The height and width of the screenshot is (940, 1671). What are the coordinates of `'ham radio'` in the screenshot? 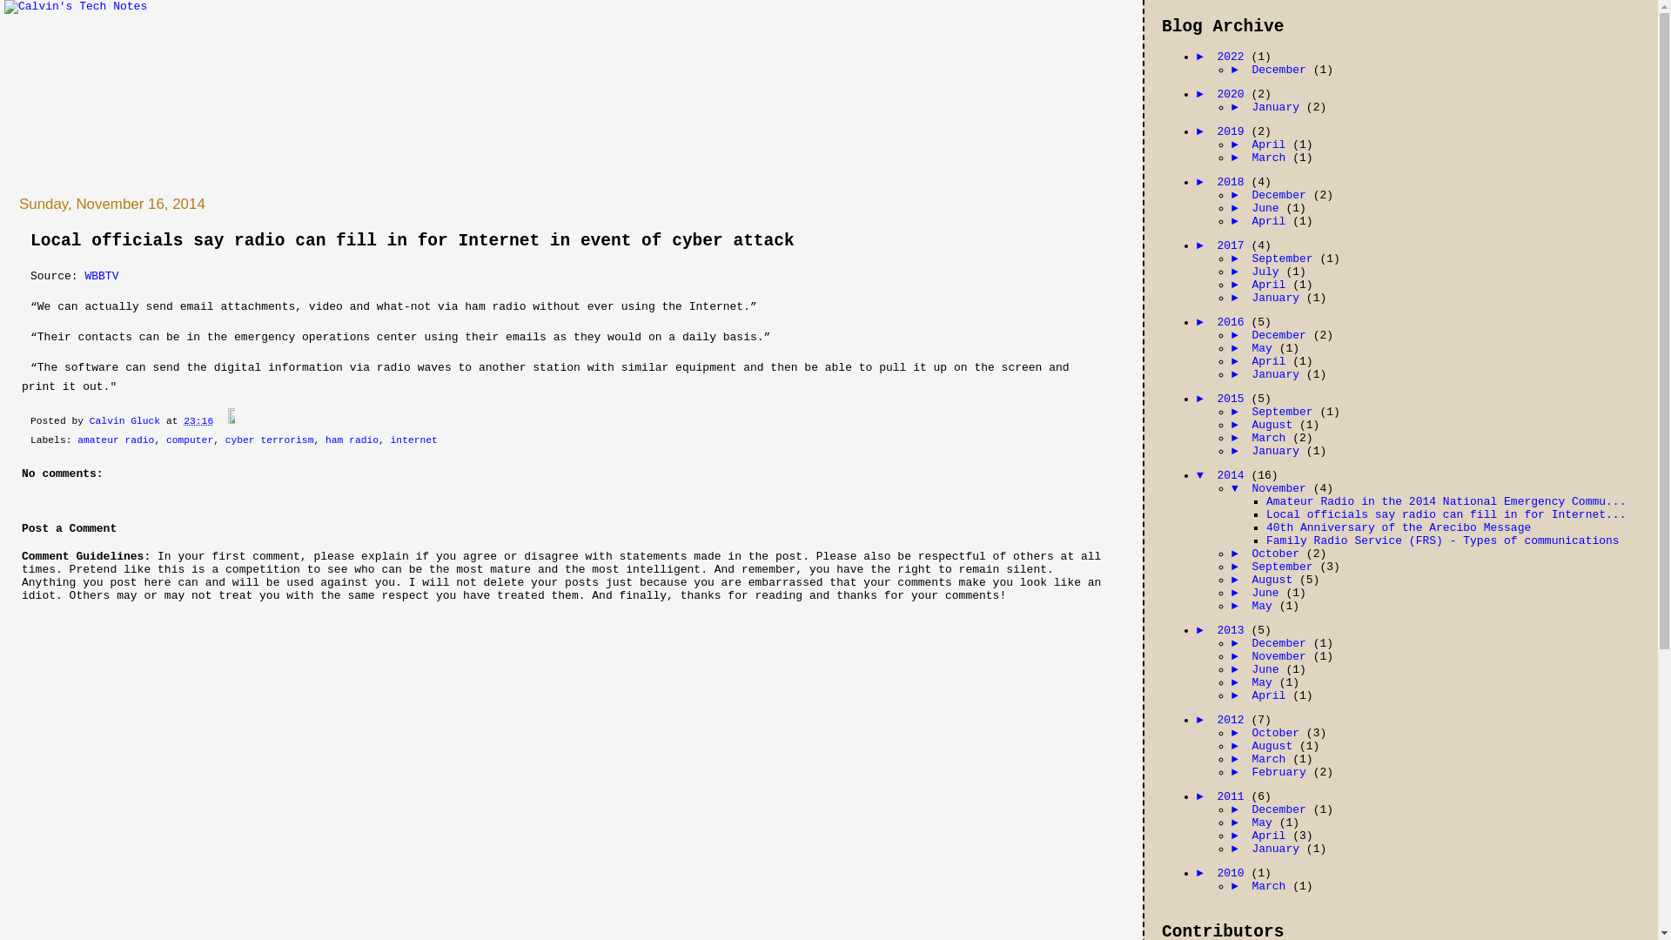 It's located at (351, 439).